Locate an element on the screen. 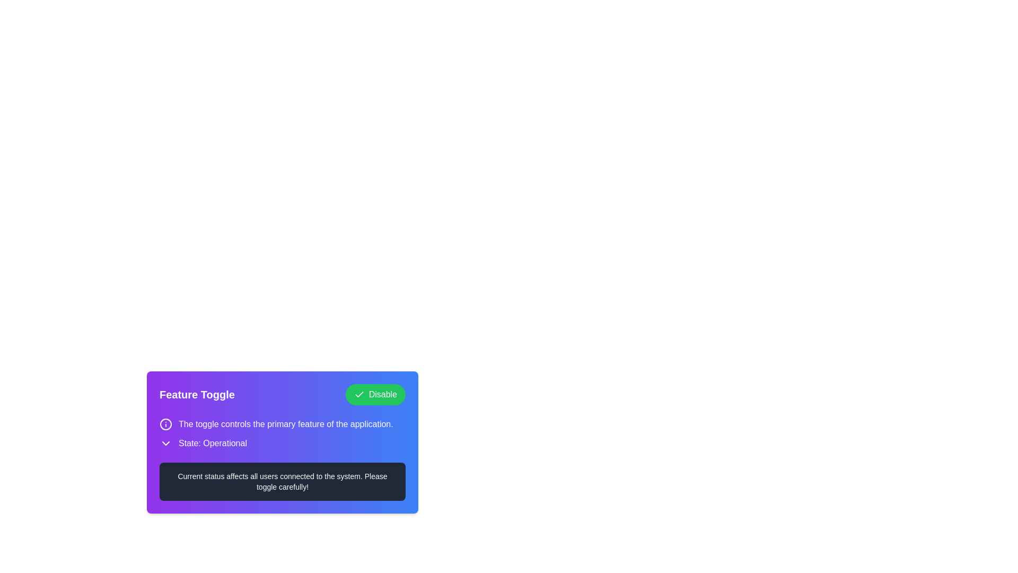 Image resolution: width=1018 pixels, height=573 pixels. the 'Disable' button of the 'Feature Toggle' composite UI component to prepare for interaction is located at coordinates (282, 395).